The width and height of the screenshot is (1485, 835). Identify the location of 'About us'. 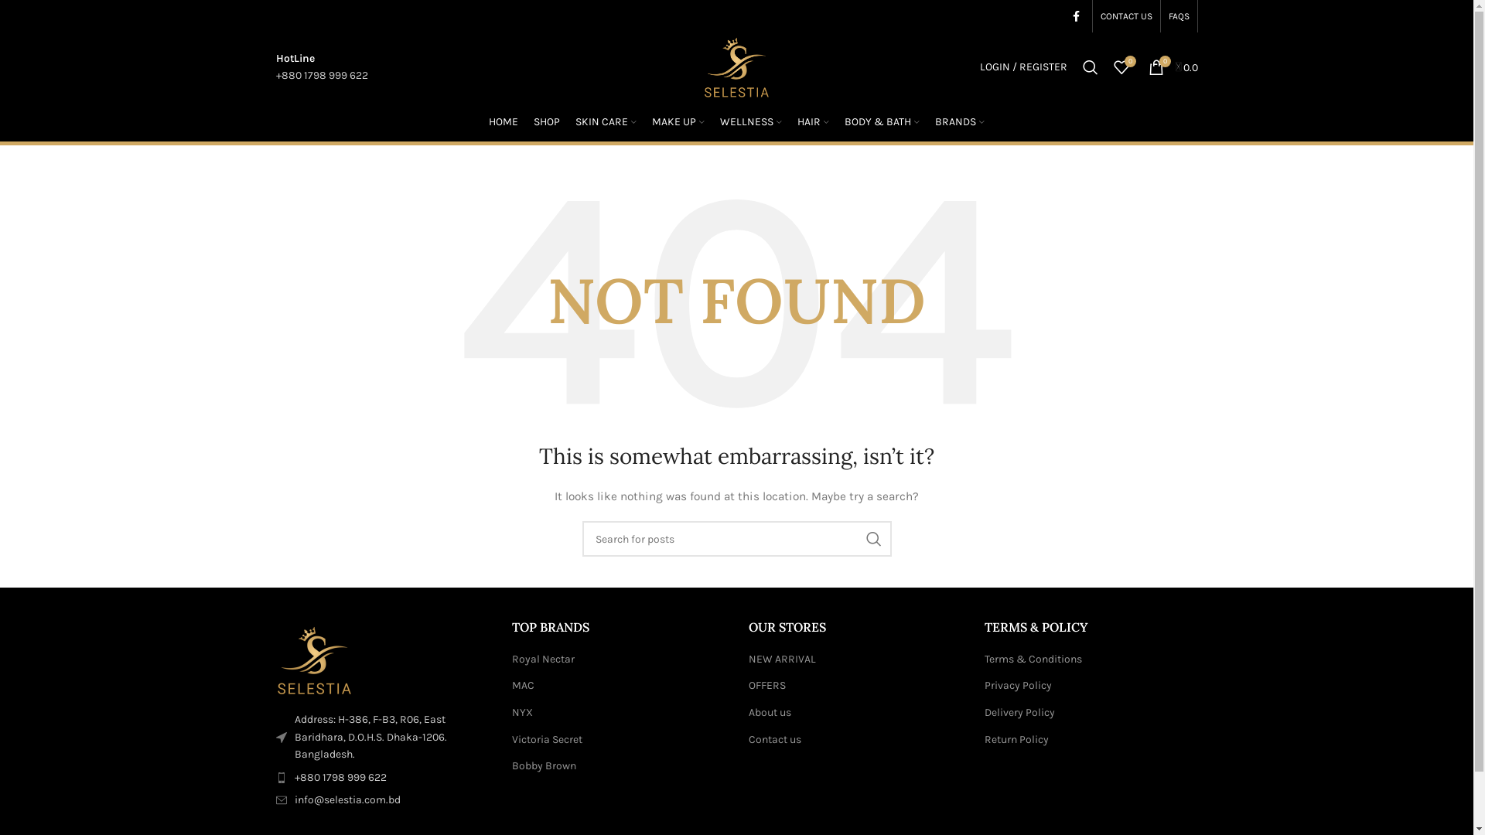
(749, 712).